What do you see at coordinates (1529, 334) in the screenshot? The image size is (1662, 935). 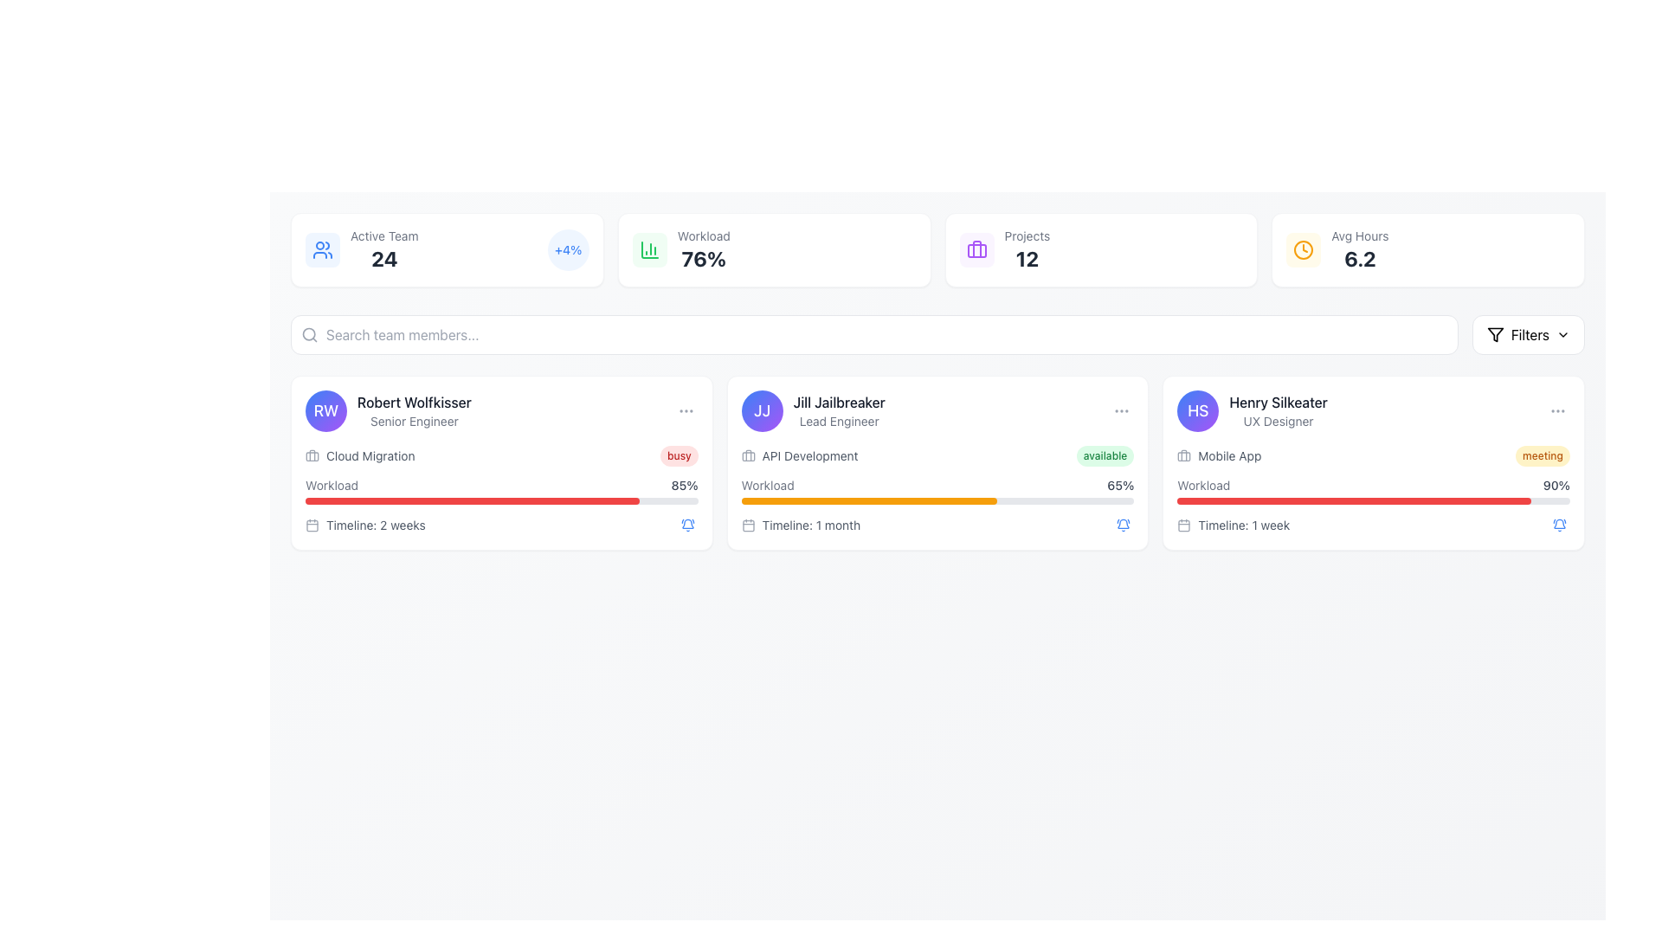 I see `the rectangular button labeled 'Filters' with a filter icon and downward chevron icon, located at the top-right area of the interface` at bounding box center [1529, 334].